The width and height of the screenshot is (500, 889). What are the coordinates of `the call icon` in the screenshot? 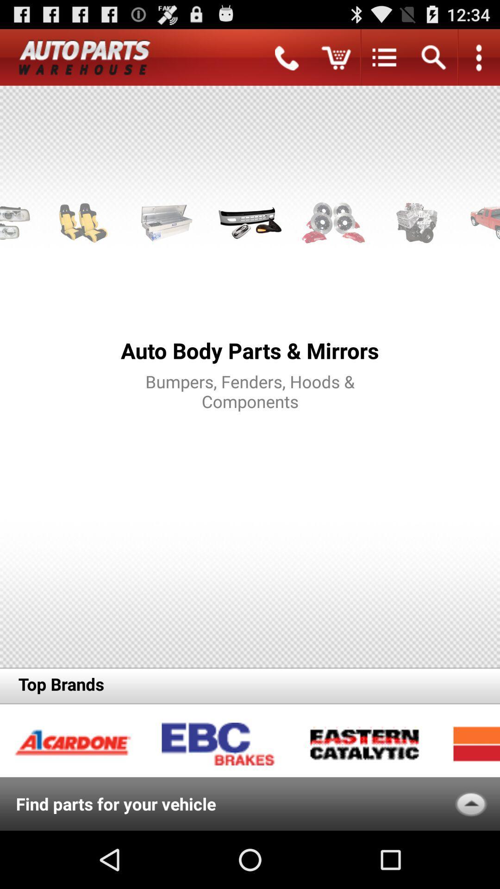 It's located at (287, 61).